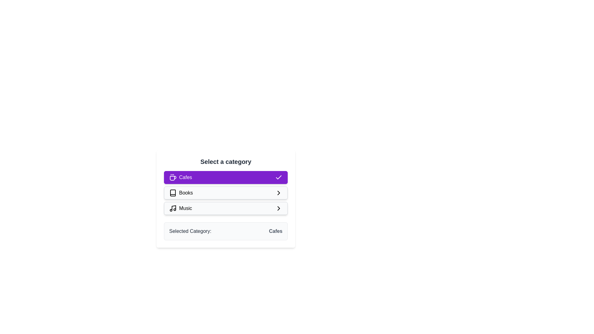 The width and height of the screenshot is (594, 334). I want to click on the 'Music' text label located in the selectable categories list, so click(185, 208).